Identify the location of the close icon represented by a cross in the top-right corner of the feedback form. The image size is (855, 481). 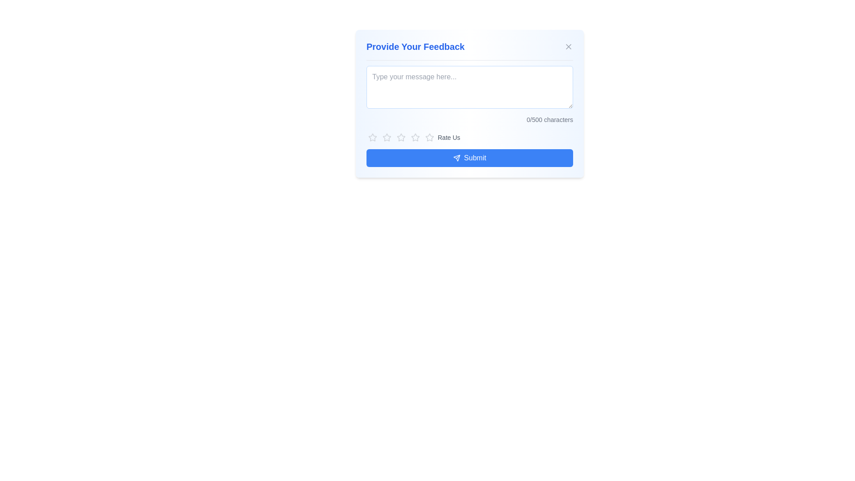
(568, 46).